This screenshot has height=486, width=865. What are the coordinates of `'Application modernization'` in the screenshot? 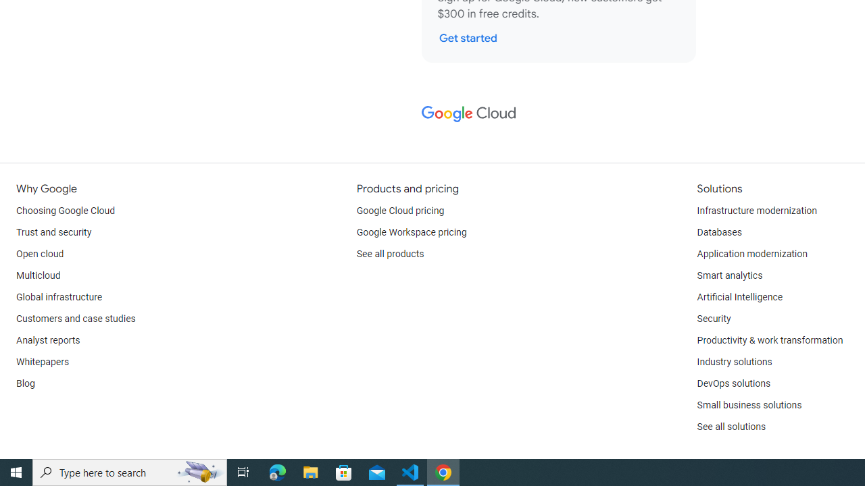 It's located at (751, 254).